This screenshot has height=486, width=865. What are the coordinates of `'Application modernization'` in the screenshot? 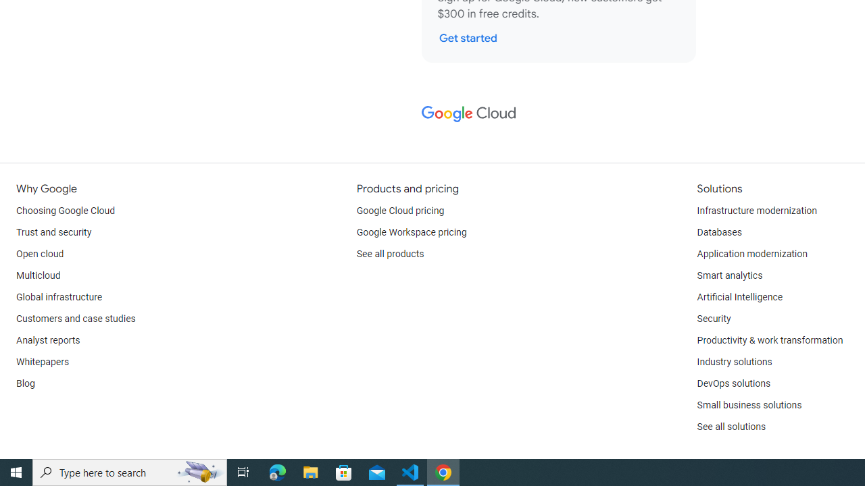 It's located at (751, 254).